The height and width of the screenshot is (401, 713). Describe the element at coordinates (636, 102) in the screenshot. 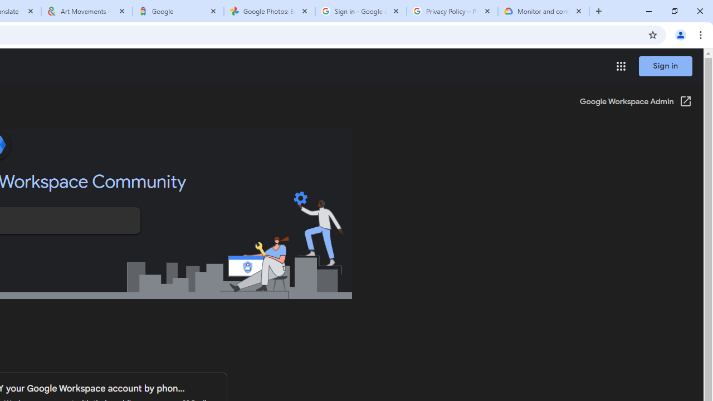

I see `'Google Workspace Admin (Open in a new window)'` at that location.